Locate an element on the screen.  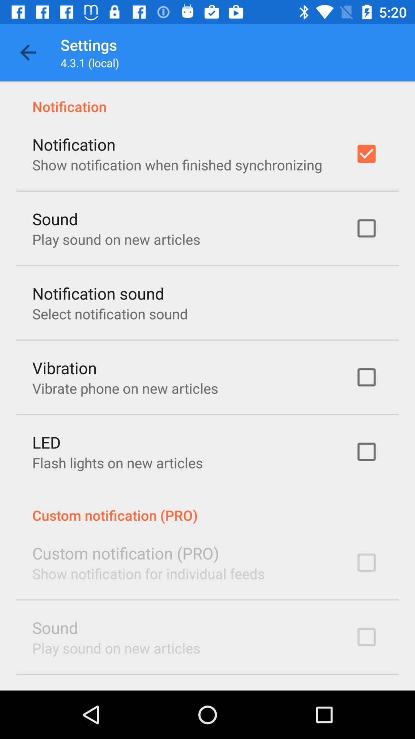
the flash lights on item is located at coordinates (117, 462).